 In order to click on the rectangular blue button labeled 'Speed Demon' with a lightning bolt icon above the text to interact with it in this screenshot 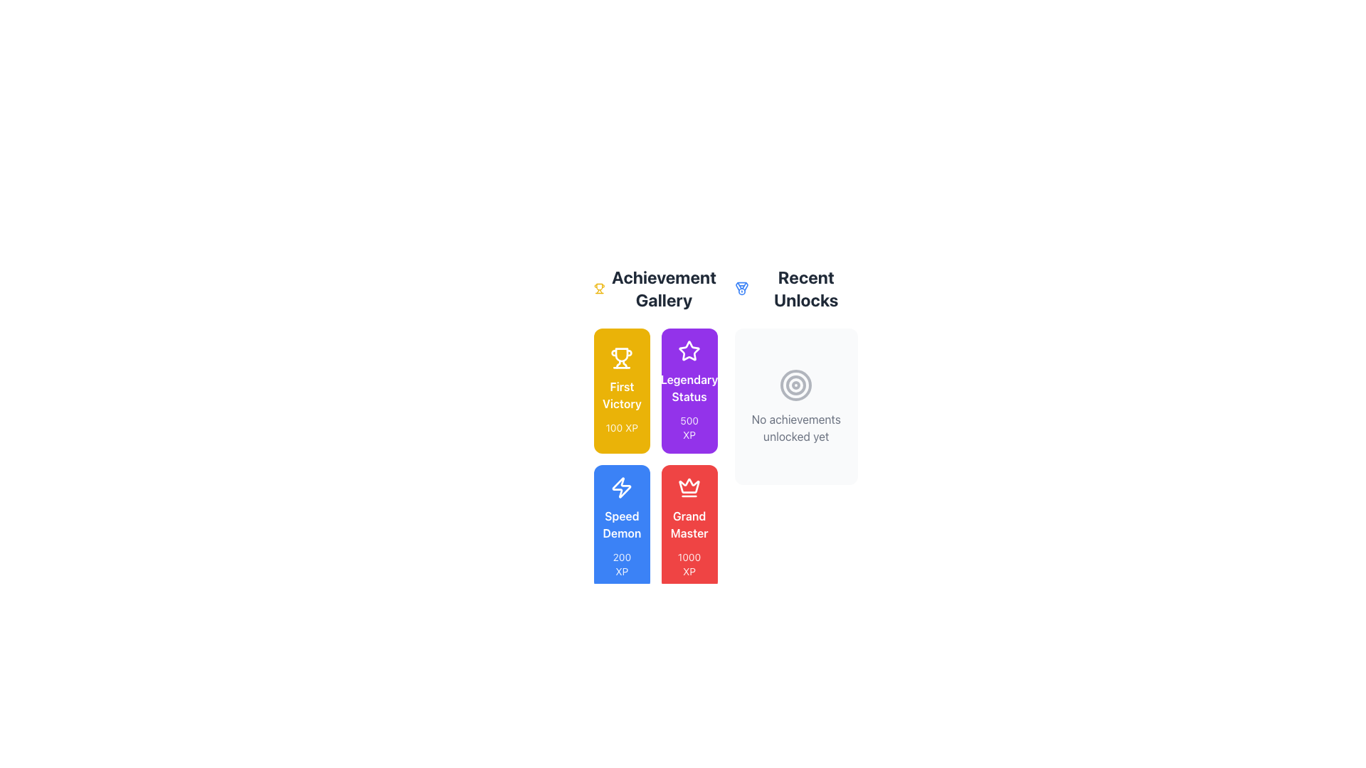, I will do `click(622, 527)`.